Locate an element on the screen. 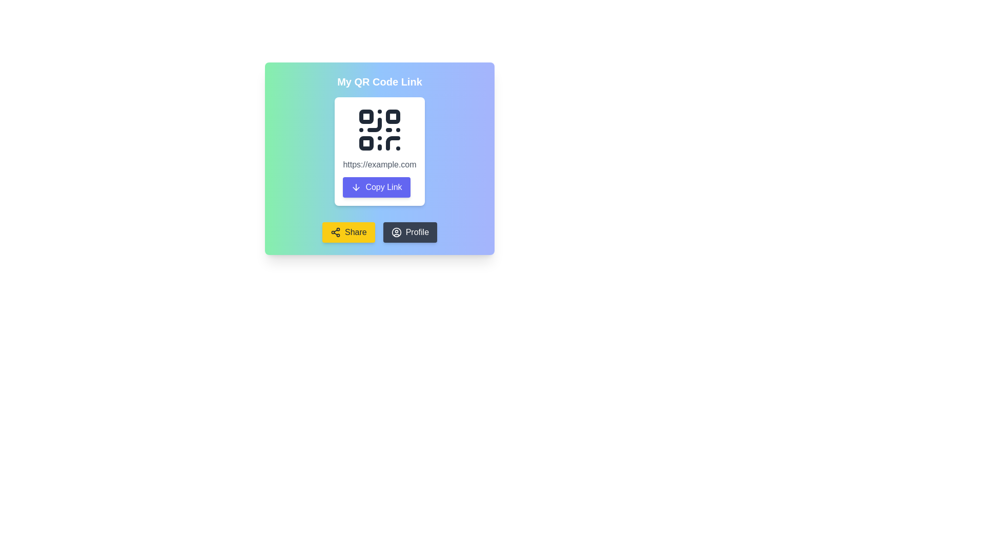 This screenshot has height=553, width=984. the 'Copy Link' button which is a rectangular button with a purple background and white text, located at the lower part of the card containing a QR code is located at coordinates (376, 187).